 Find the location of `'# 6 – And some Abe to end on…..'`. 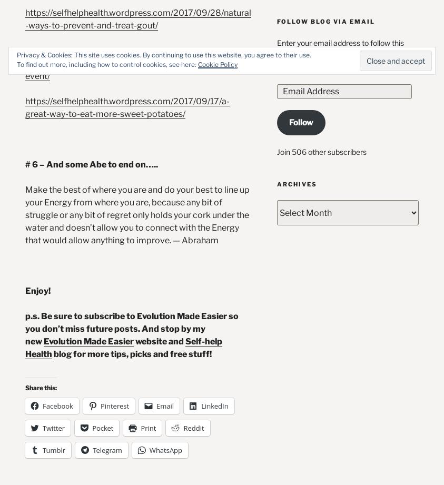

'# 6 – And some Abe to end on…..' is located at coordinates (24, 164).